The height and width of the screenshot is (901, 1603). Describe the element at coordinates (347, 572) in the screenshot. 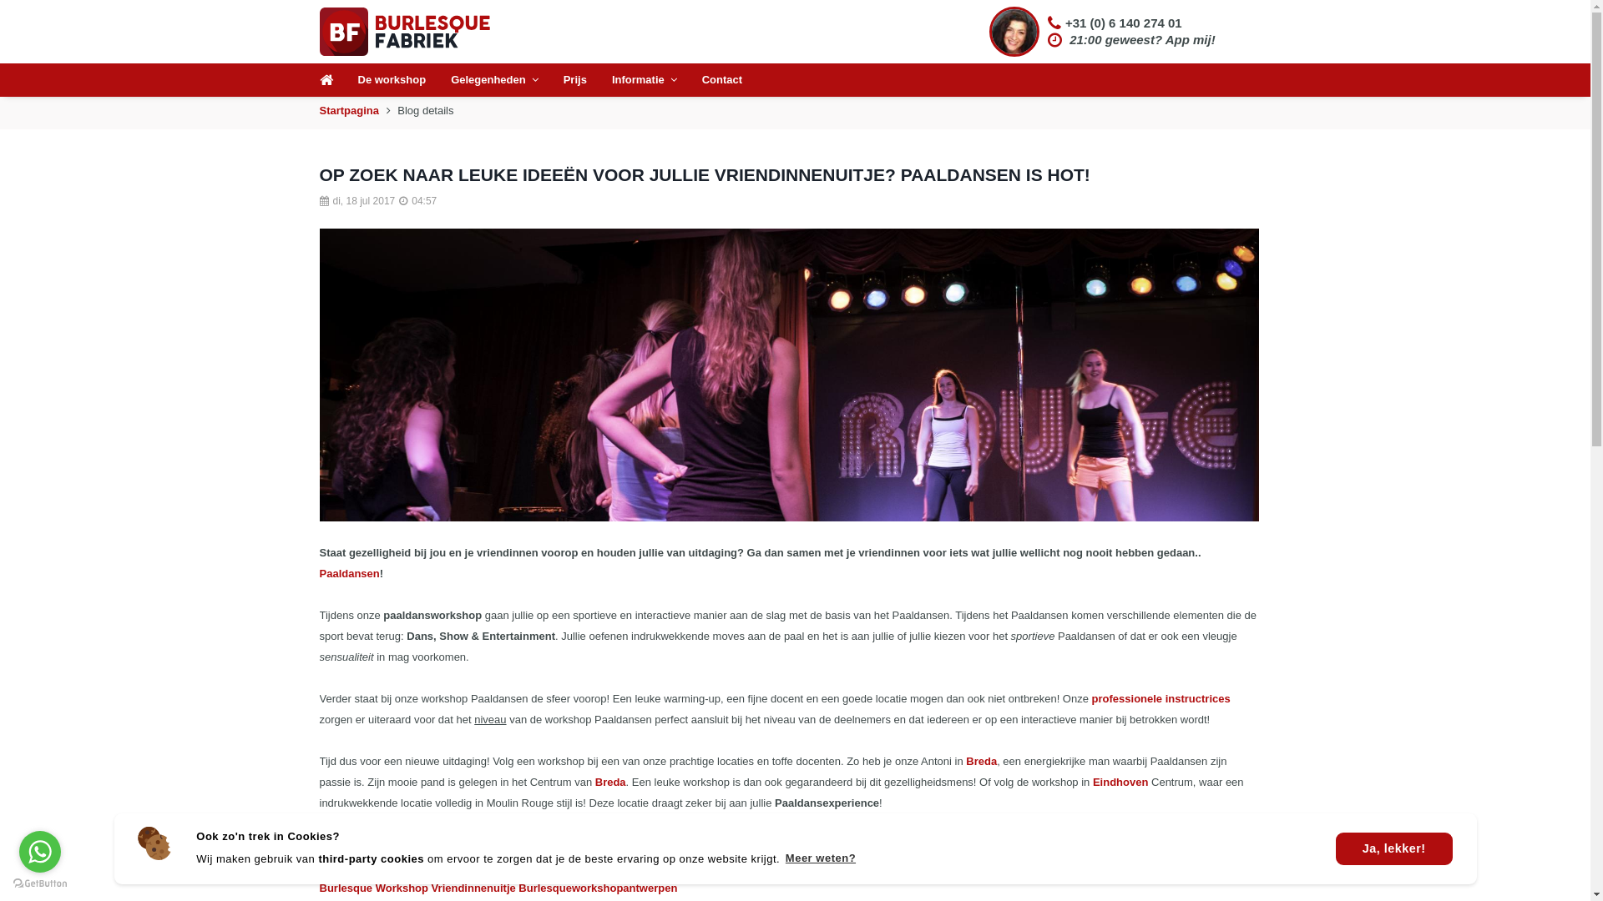

I see `'Paaldansen'` at that location.